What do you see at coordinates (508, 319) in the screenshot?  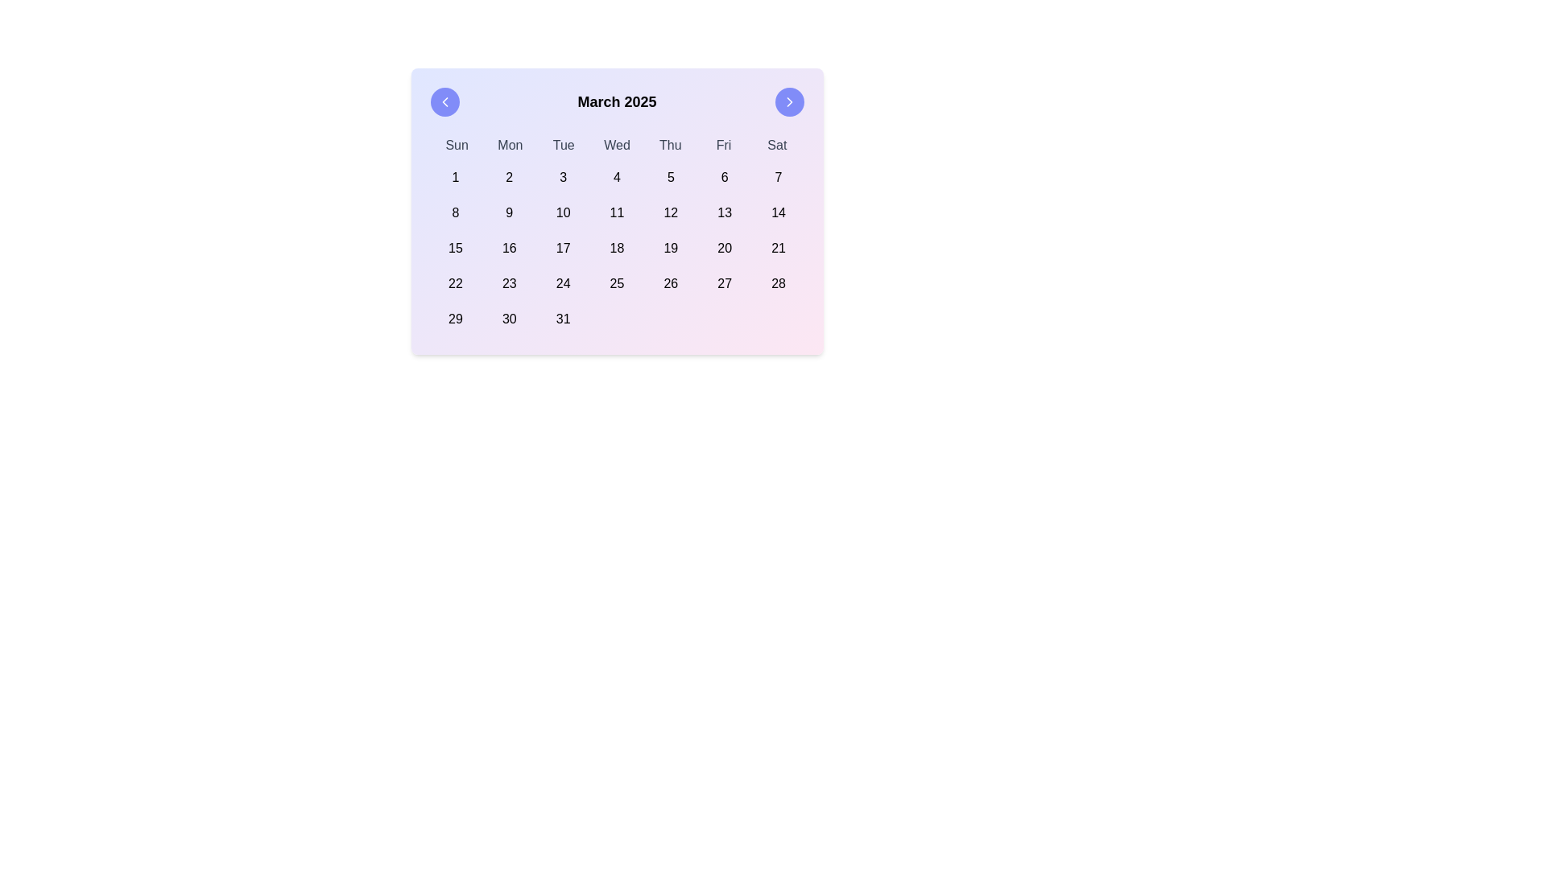 I see `the Calendar date button representing March 30 to trigger the hover effect` at bounding box center [508, 319].